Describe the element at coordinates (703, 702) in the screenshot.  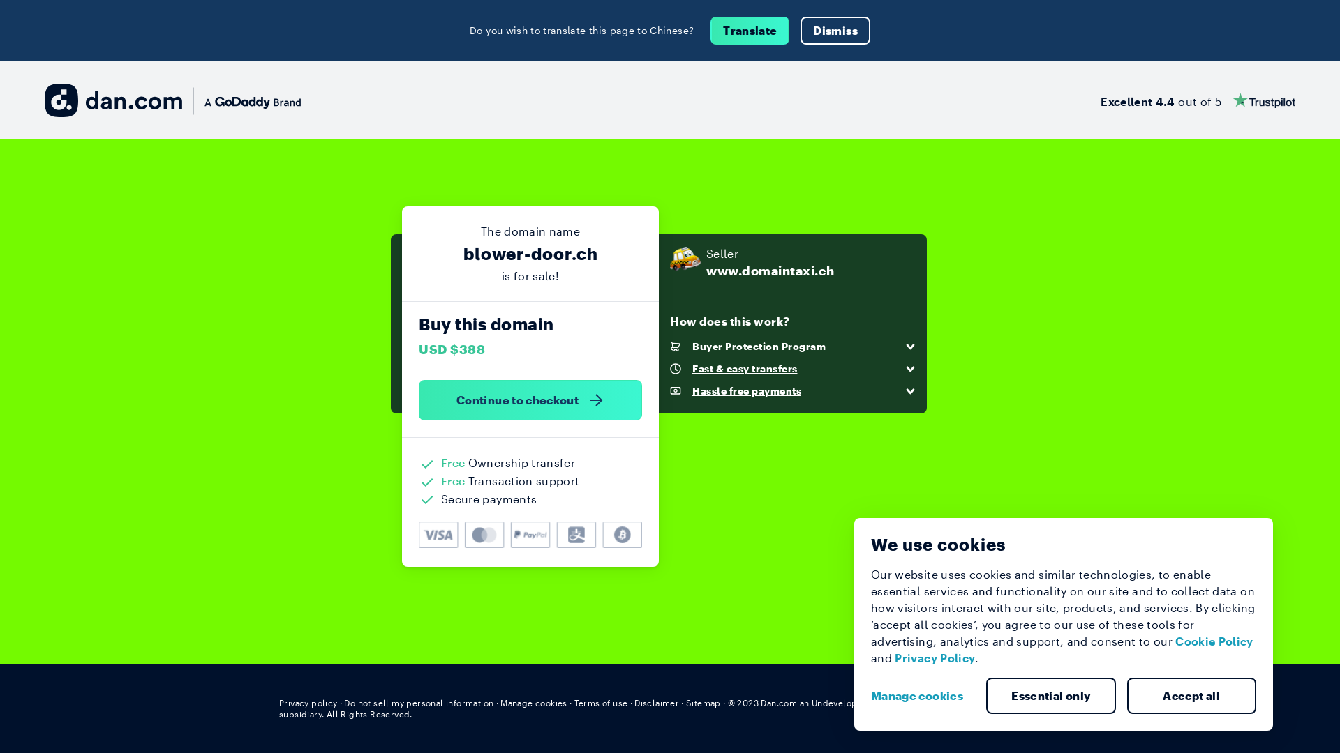
I see `'Sitemap'` at that location.